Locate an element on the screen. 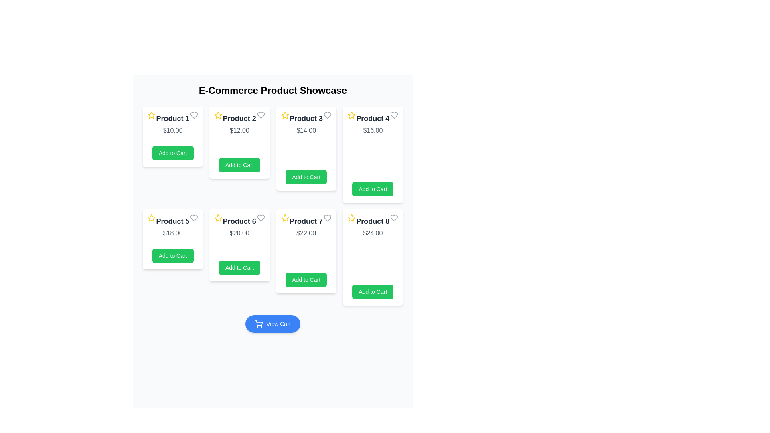 The width and height of the screenshot is (770, 433). the Decorative star icon located in the top-left corner of the product card for 'Product 6', which represents a rating or favorite feature is located at coordinates (218, 218).